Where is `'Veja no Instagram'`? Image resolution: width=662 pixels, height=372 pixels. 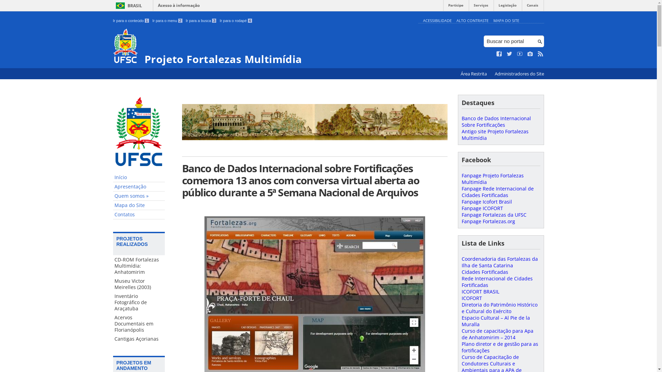
'Veja no Instagram' is located at coordinates (530, 54).